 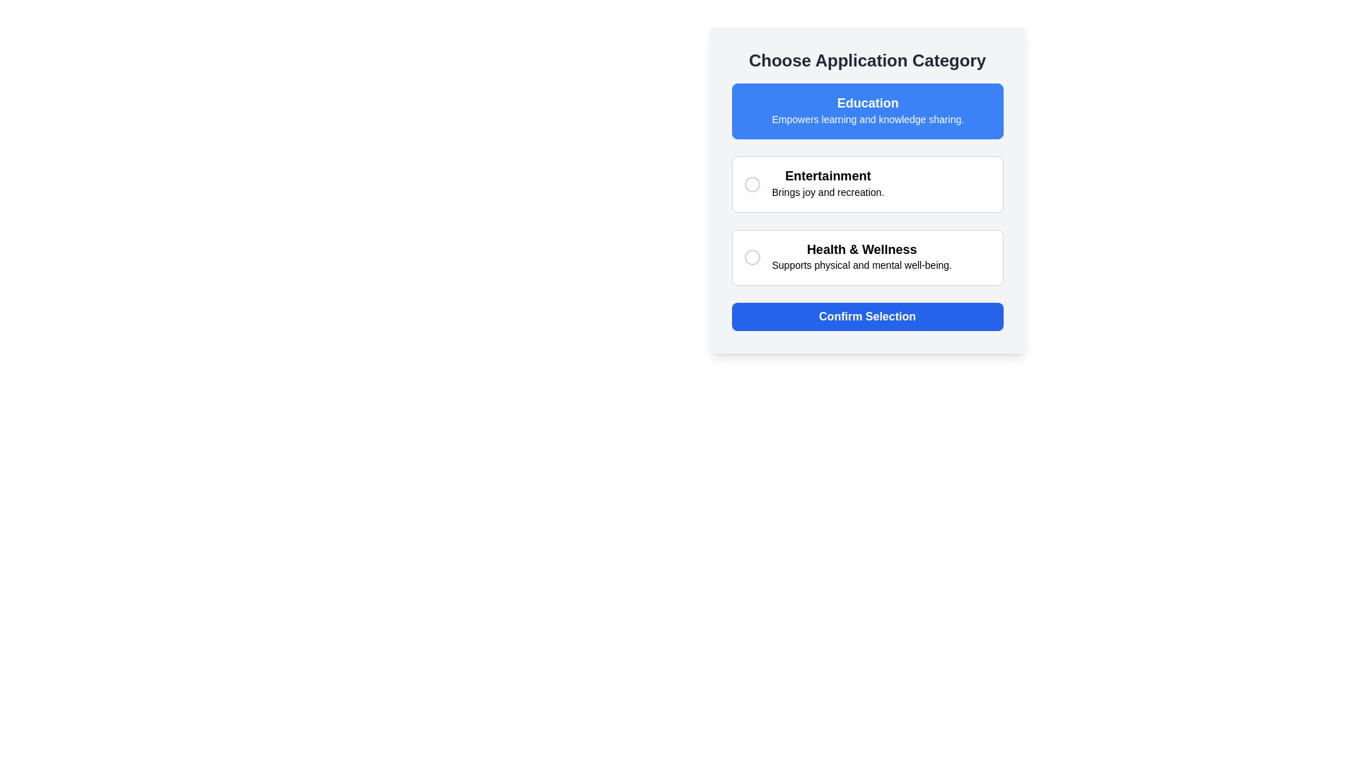 I want to click on the confirmation button located at the bottom of the selection interface, beneath the 'Health & Wellness' option, to confirm the selection, so click(x=866, y=316).